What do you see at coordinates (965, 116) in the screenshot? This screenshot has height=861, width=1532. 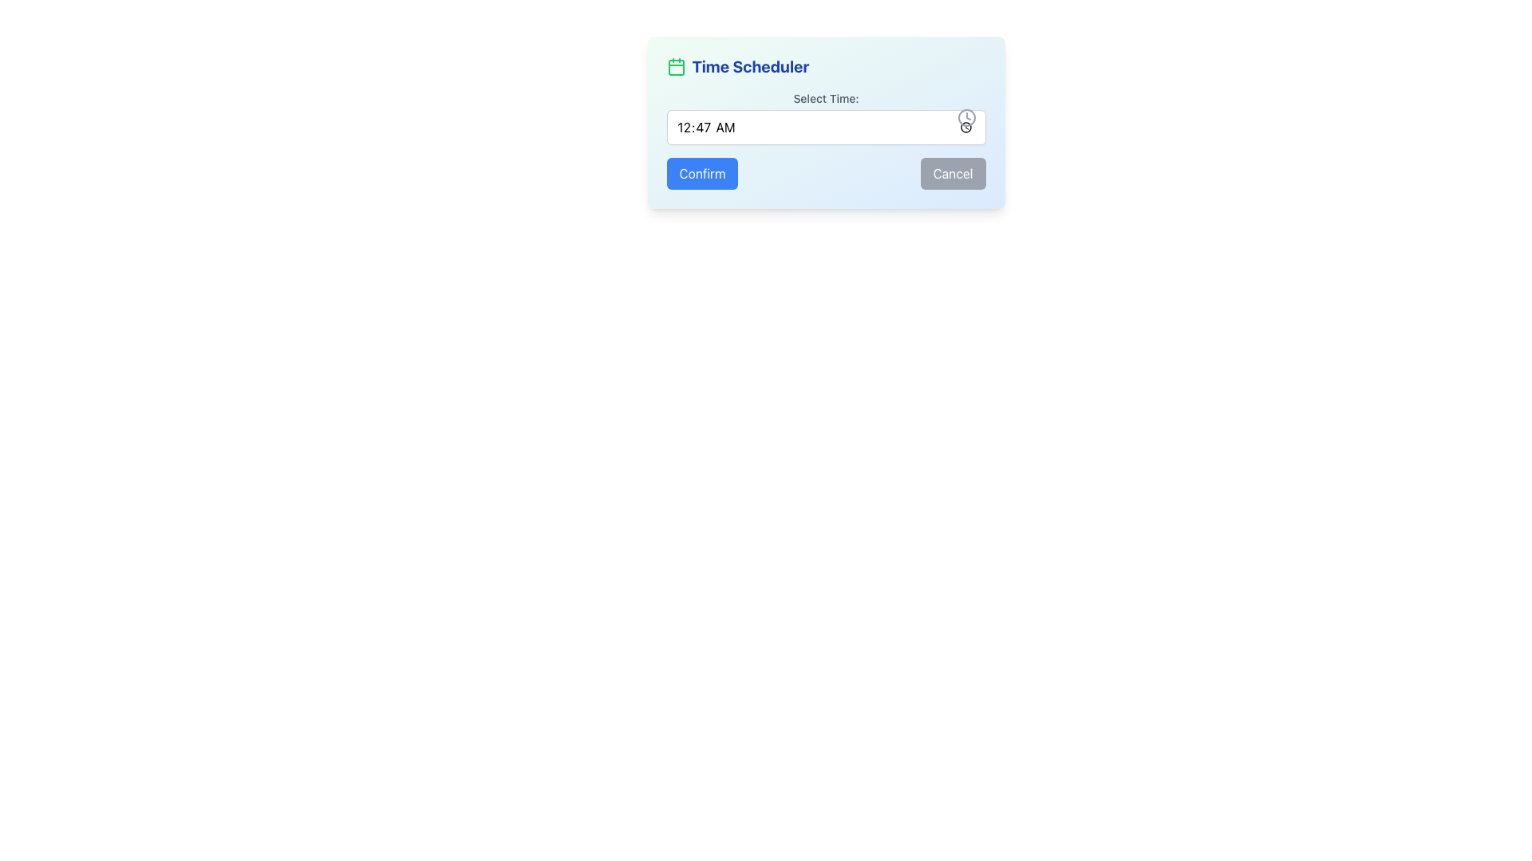 I see `the SVG Circle that is part of the clock icon located at the top-right corner of the time input field` at bounding box center [965, 116].